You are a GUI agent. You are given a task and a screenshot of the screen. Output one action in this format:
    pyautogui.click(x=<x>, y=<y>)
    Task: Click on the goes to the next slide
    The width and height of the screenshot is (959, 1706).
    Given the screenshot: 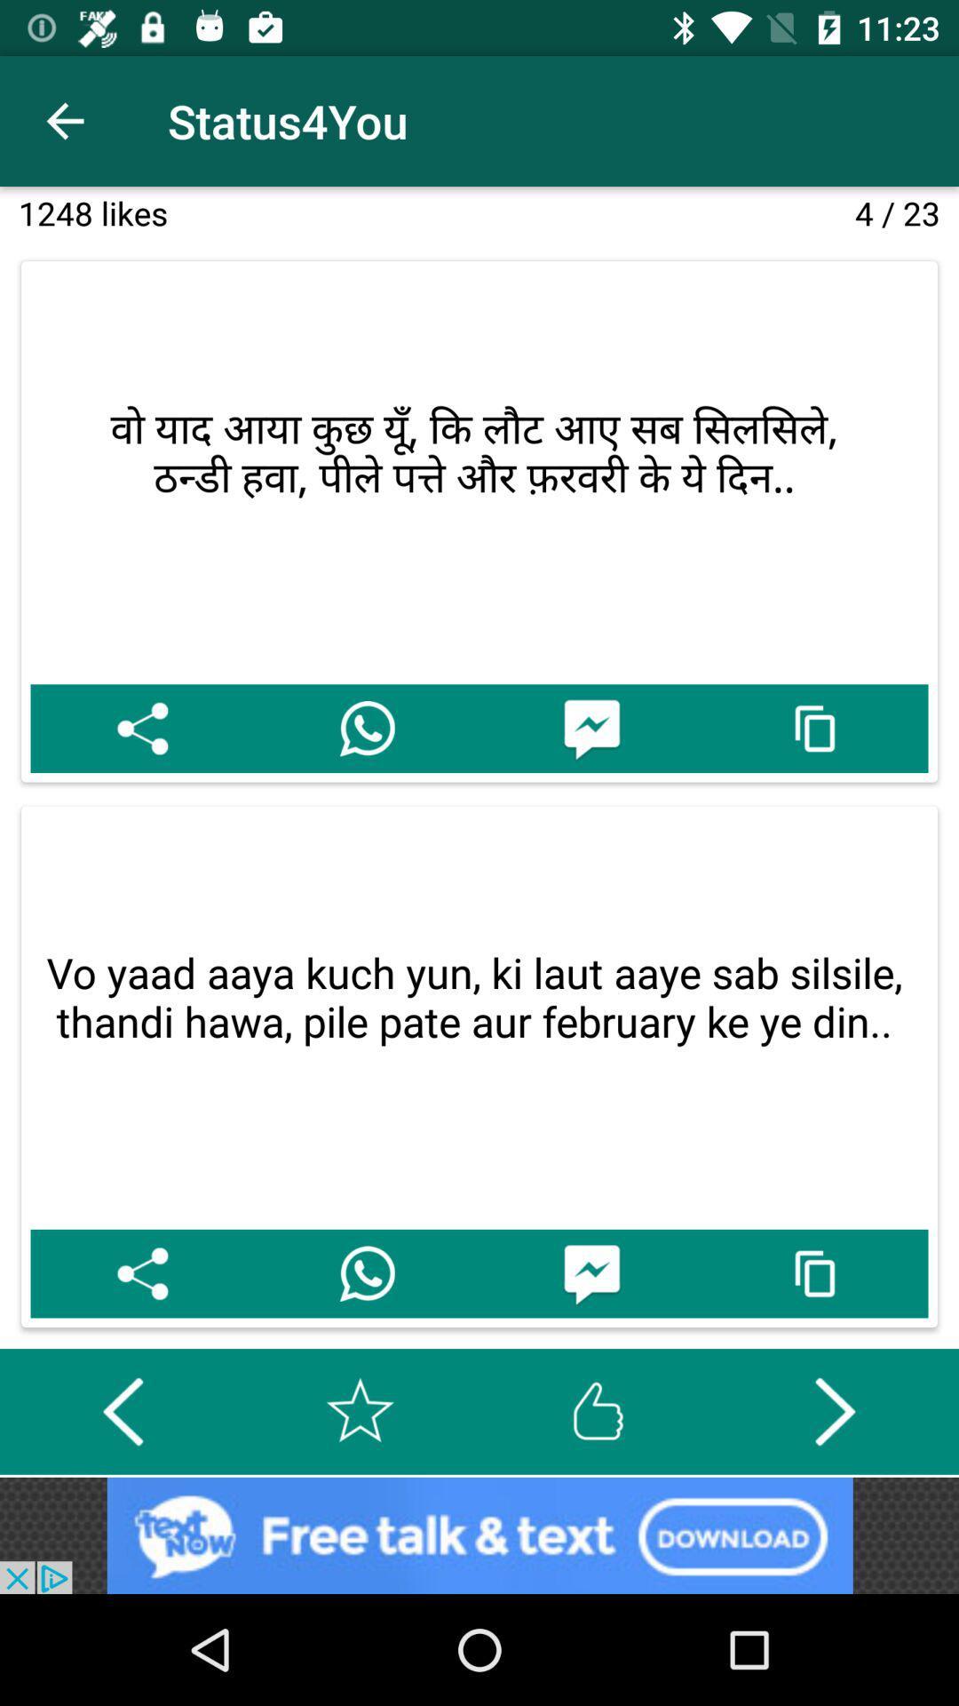 What is the action you would take?
    pyautogui.click(x=835, y=1410)
    